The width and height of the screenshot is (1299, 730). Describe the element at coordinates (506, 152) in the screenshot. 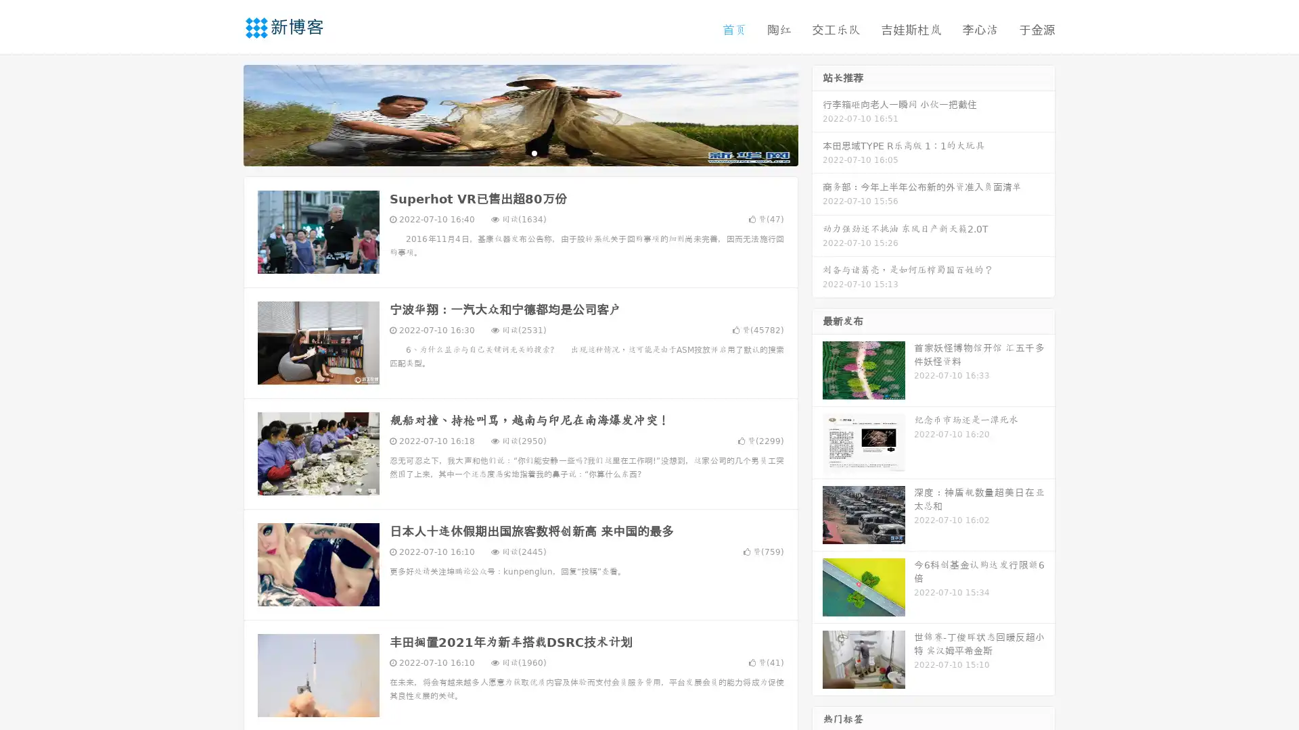

I see `Go to slide 1` at that location.